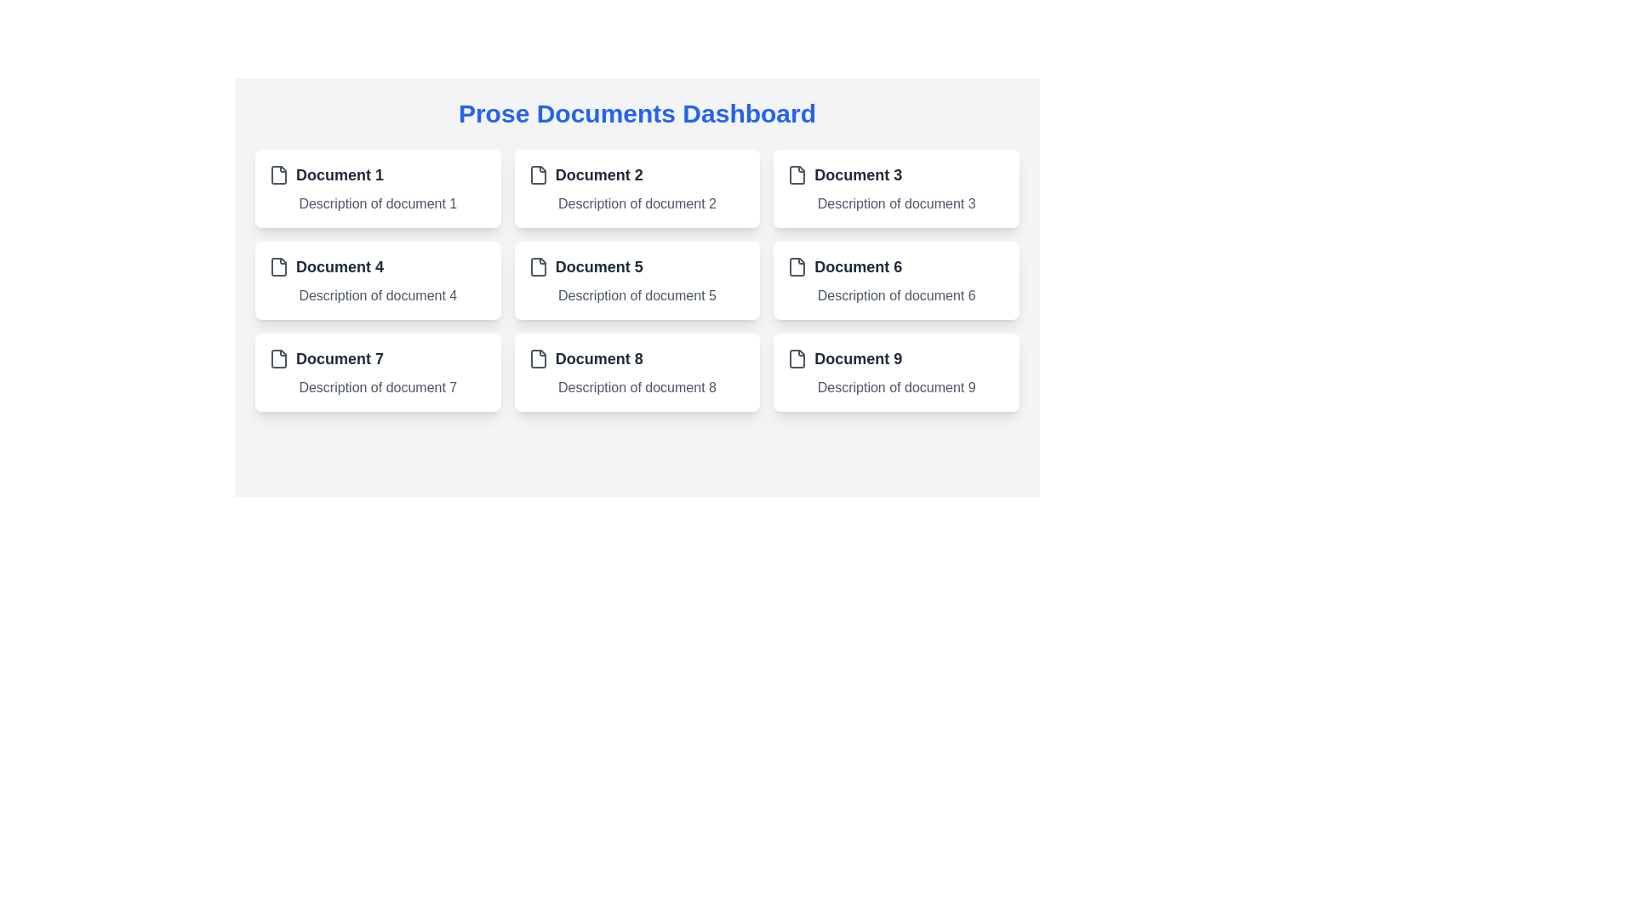  I want to click on the rectangular card with a white background, rounded corners, displaying 'Document 5' at the top and 'Description of document 5' below, so click(636, 280).